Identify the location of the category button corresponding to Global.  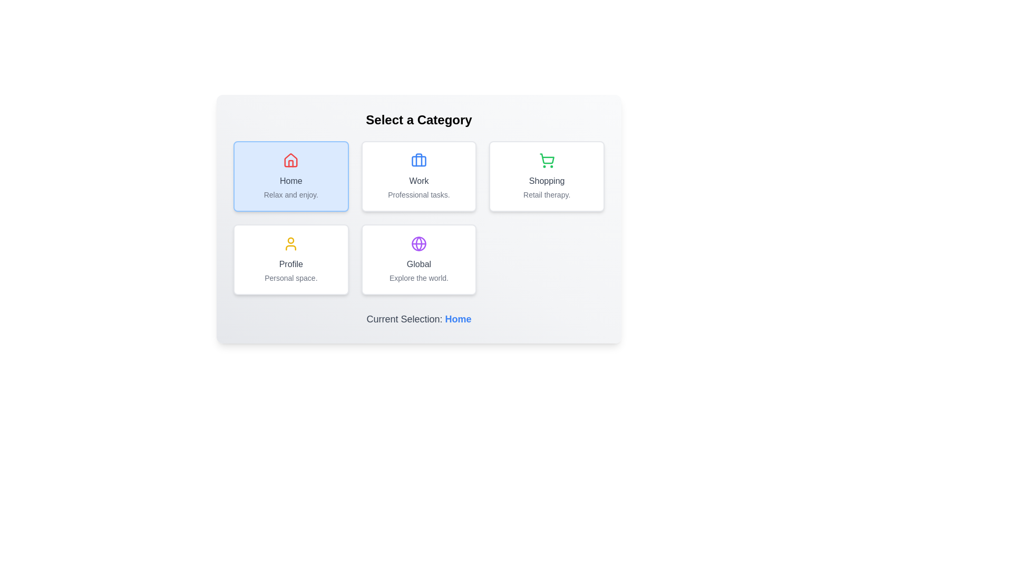
(419, 260).